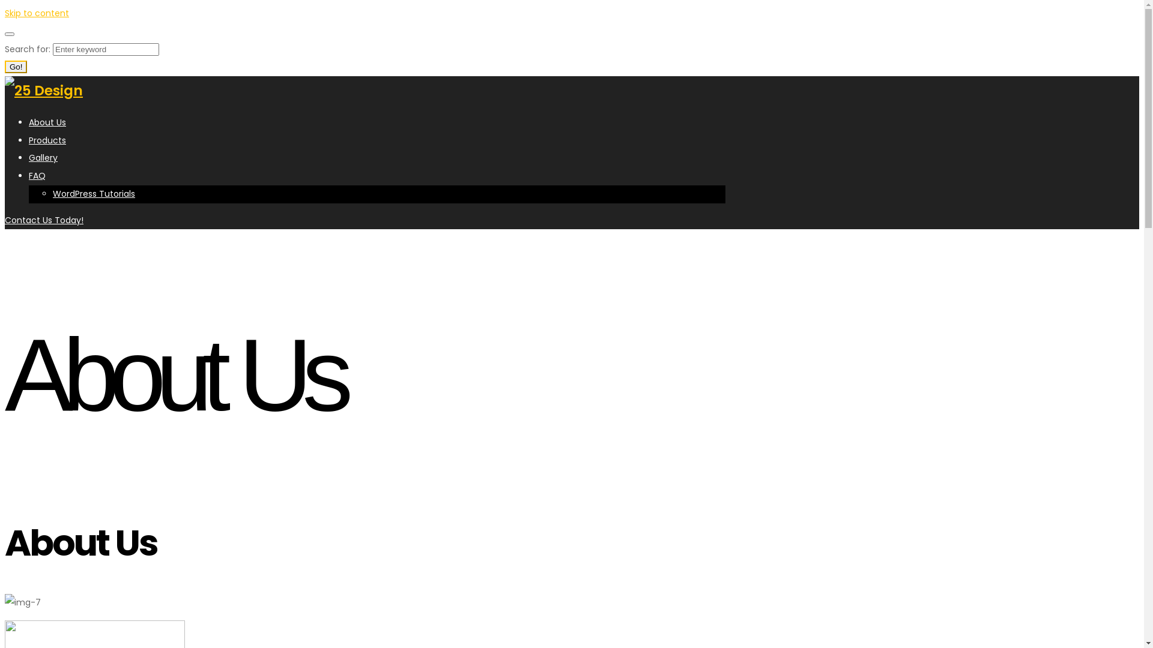  I want to click on 'Gallery', so click(43, 157).